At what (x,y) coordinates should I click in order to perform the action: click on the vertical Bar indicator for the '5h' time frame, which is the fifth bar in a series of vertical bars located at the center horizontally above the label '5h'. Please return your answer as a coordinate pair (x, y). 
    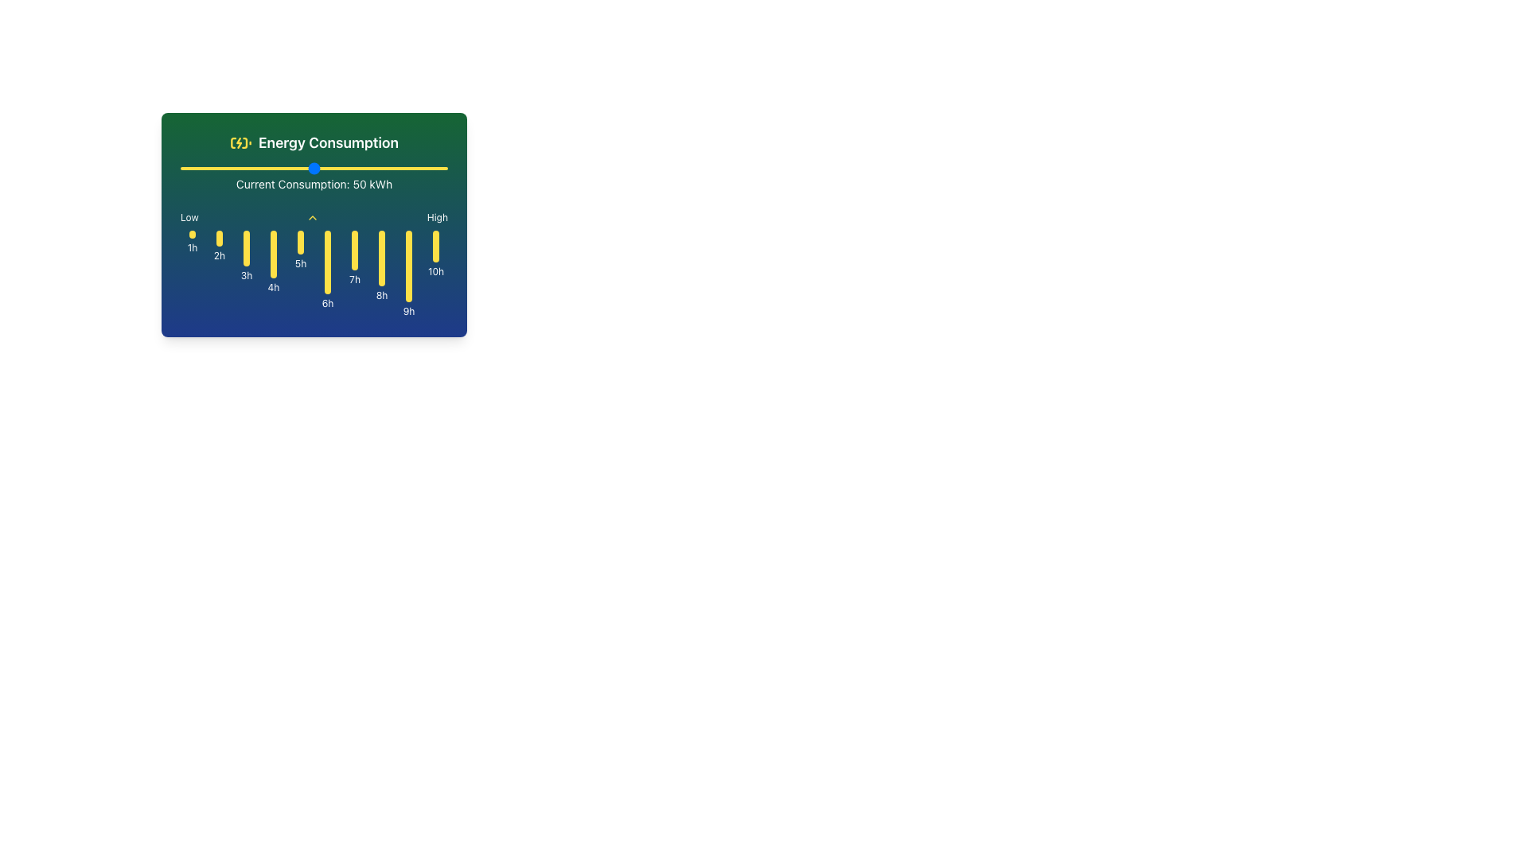
    Looking at the image, I should click on (301, 242).